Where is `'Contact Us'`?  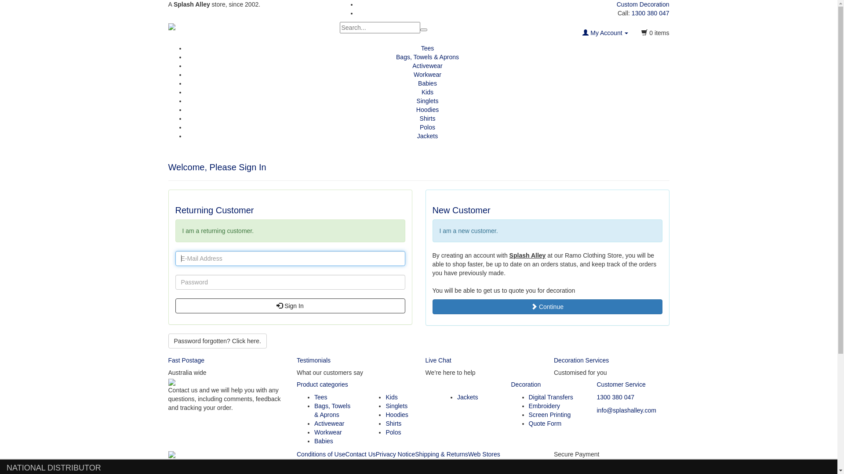
'Contact Us' is located at coordinates (360, 454).